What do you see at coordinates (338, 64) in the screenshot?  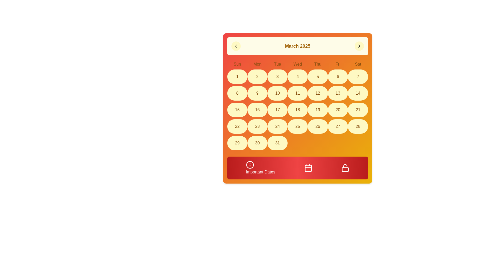 I see `the text label for 'Friday' in the calendar's column header, which is located between 'Thu' and 'Sat'` at bounding box center [338, 64].